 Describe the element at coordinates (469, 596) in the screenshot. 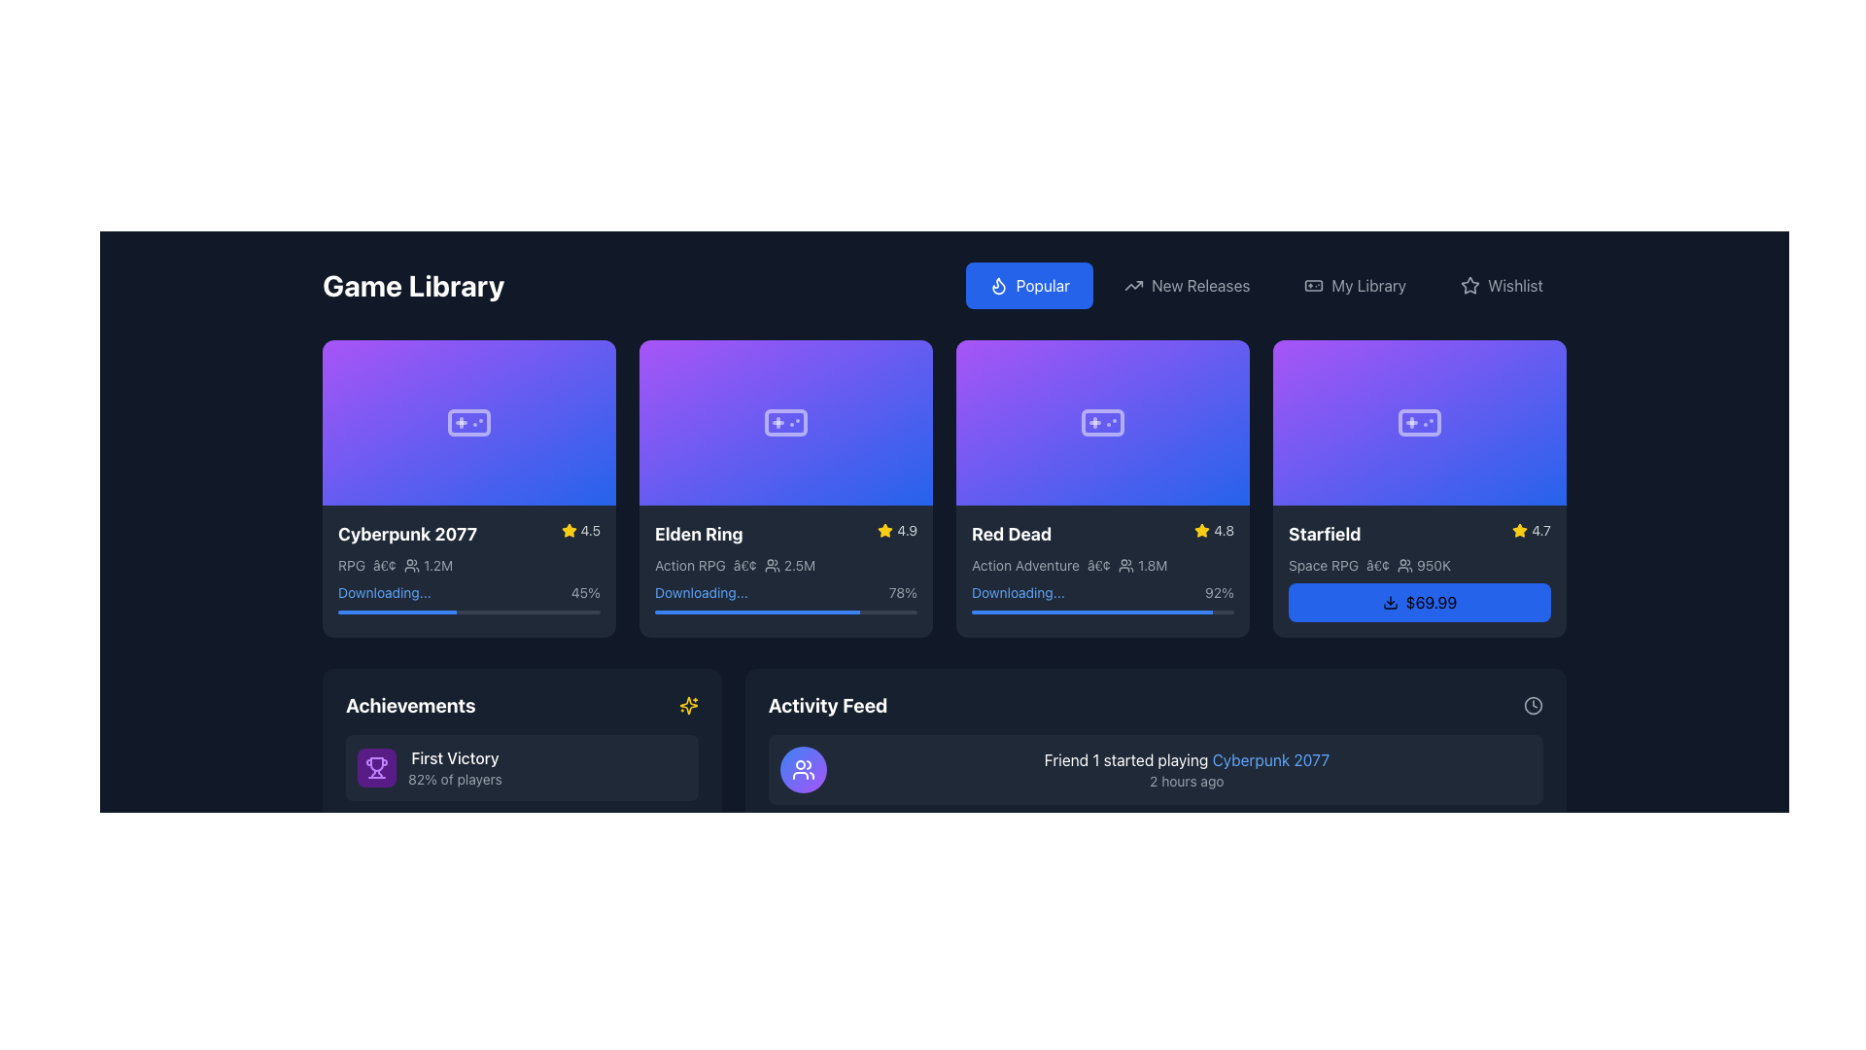

I see `the Progress indicator displaying 'Downloading...' with the progress of '45%' in the Game Library section of 'Cyberpunk 2077'` at that location.